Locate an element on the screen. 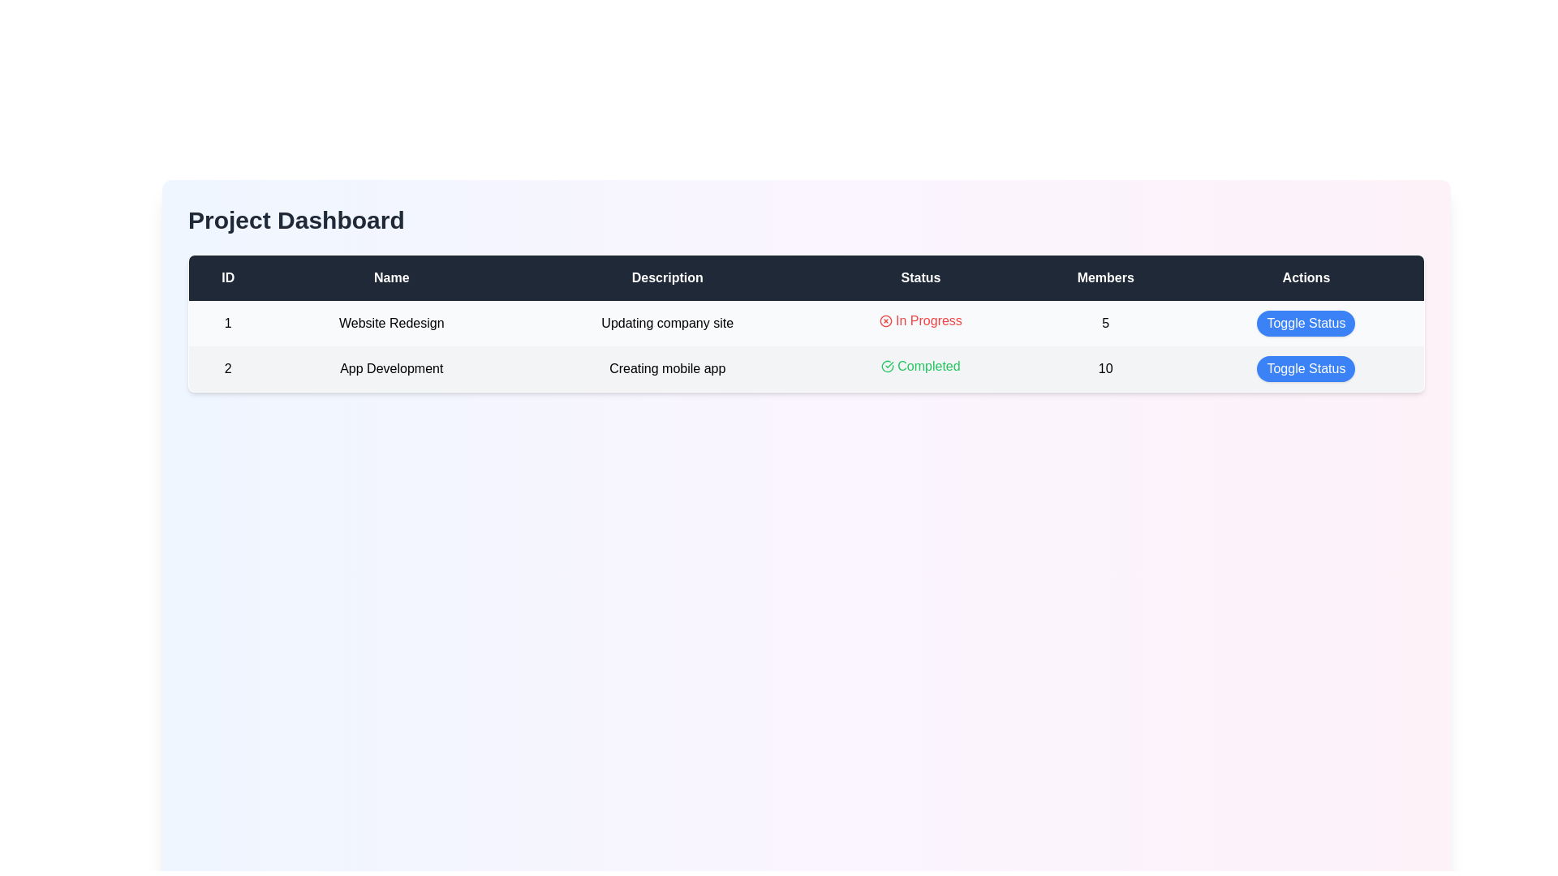 This screenshot has height=876, width=1558. the 'In Progress' status icon for the 'Website Redesign' project, located in the first row of the 'Status' column in the table is located at coordinates (885, 321).